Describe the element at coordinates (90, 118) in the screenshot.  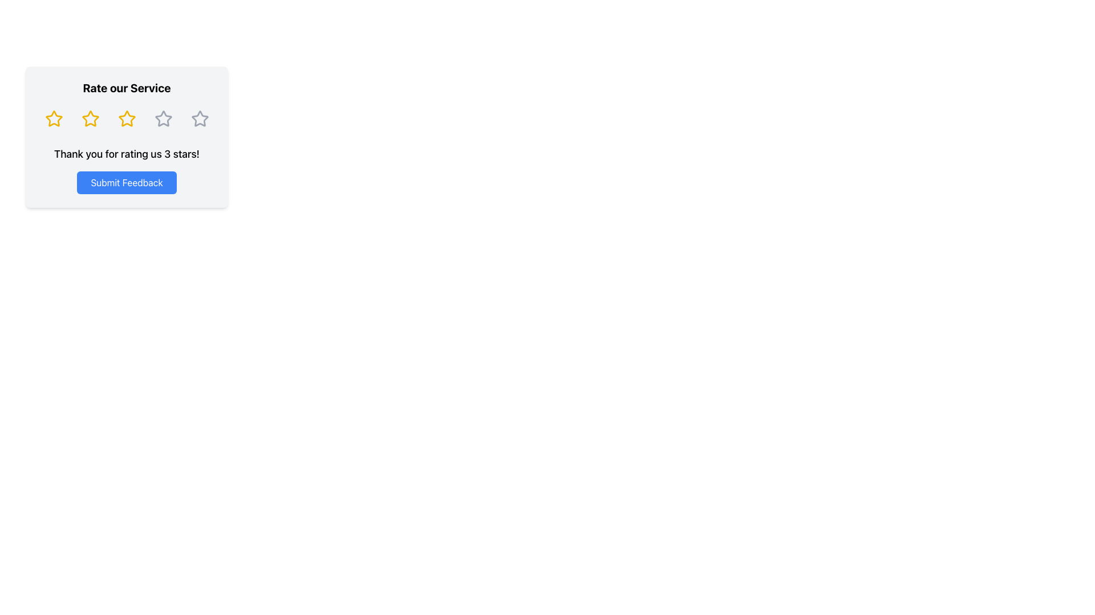
I see `the second star in the horizontal row of rating stars` at that location.